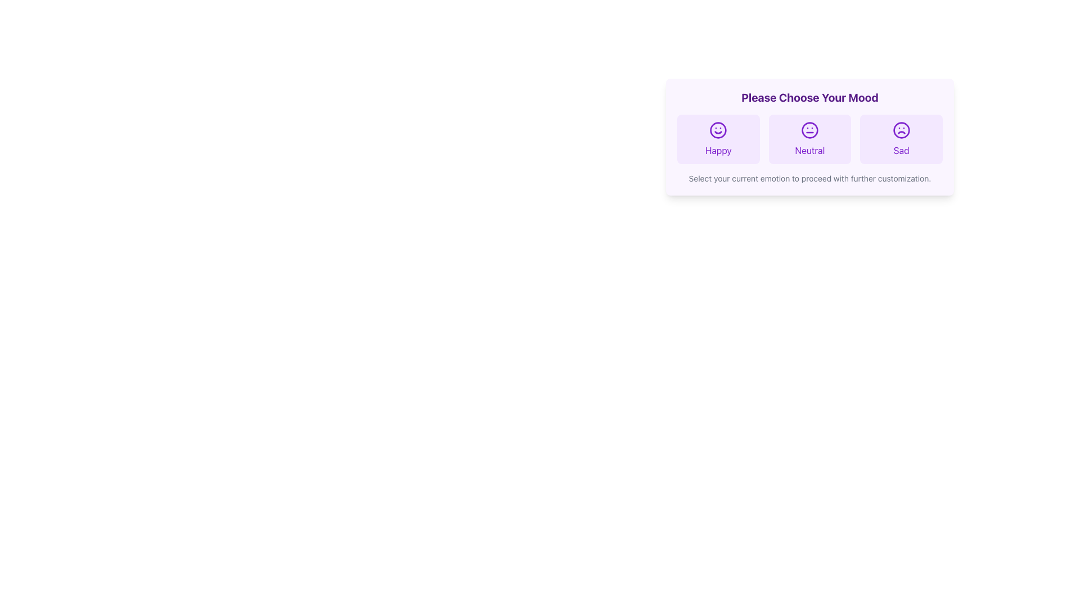  What do you see at coordinates (810, 129) in the screenshot?
I see `the neutral mood icon, which is a circular icon with a neutral face design, located centrally in the middle slot among three mood icons` at bounding box center [810, 129].